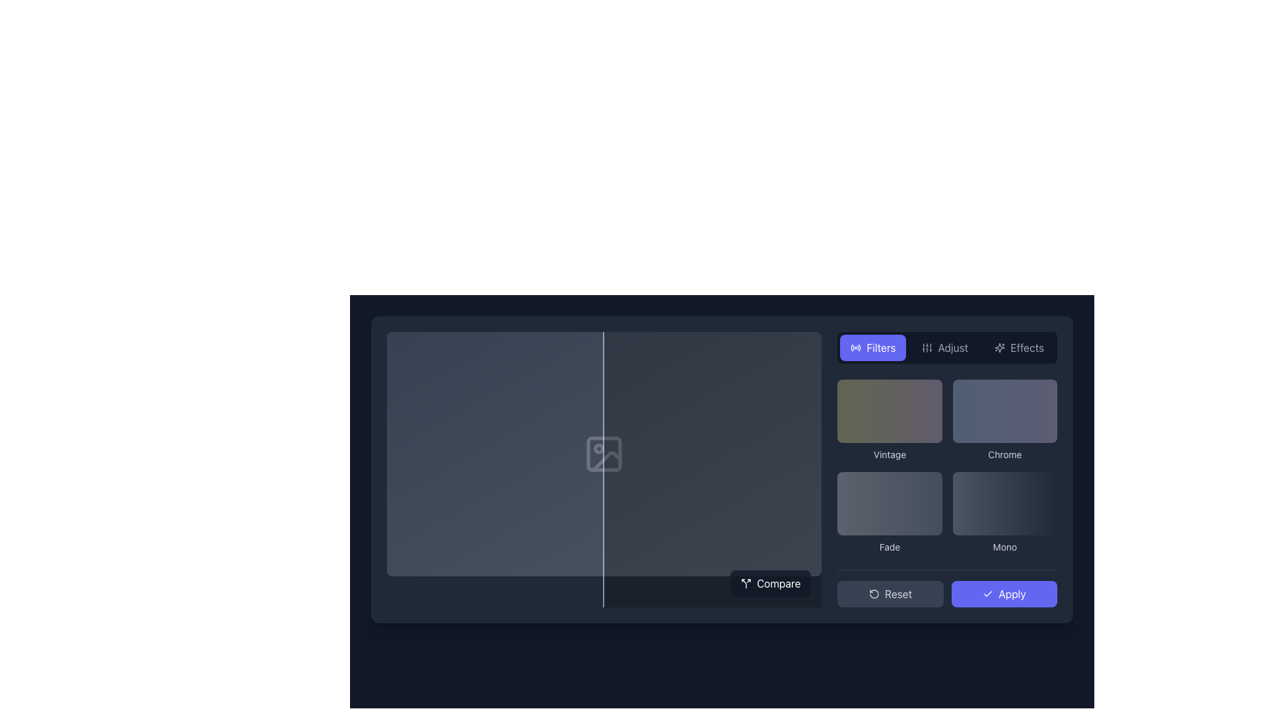 This screenshot has width=1268, height=713. I want to click on the decorative icon located to the left of the 'Effects' label, so click(1000, 347).